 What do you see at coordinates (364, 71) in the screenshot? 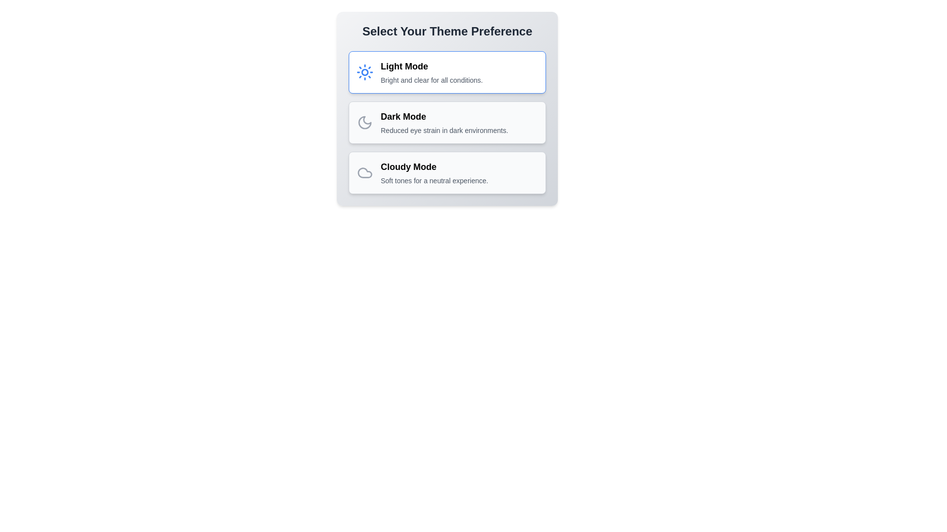
I see `the small circular SVG shape within the blue sun-like icon next to the 'Light Mode' option in the 'Select Your Theme Preference' box` at bounding box center [364, 71].